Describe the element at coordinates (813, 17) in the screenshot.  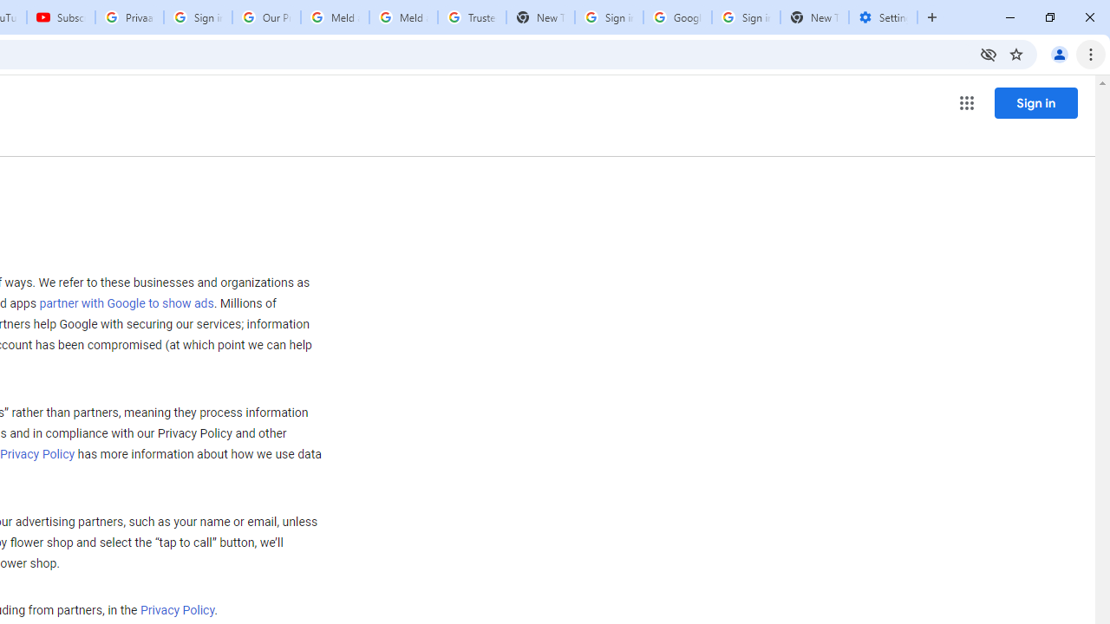
I see `'New Tab'` at that location.